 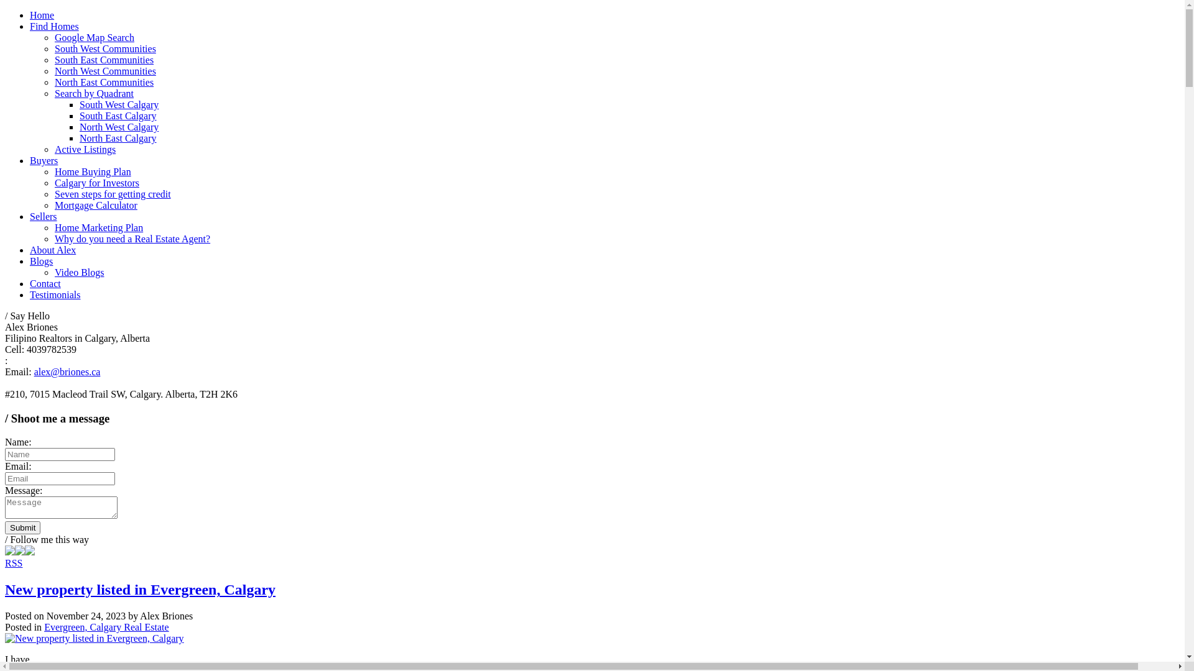 I want to click on 'Testimonials', so click(x=55, y=294).